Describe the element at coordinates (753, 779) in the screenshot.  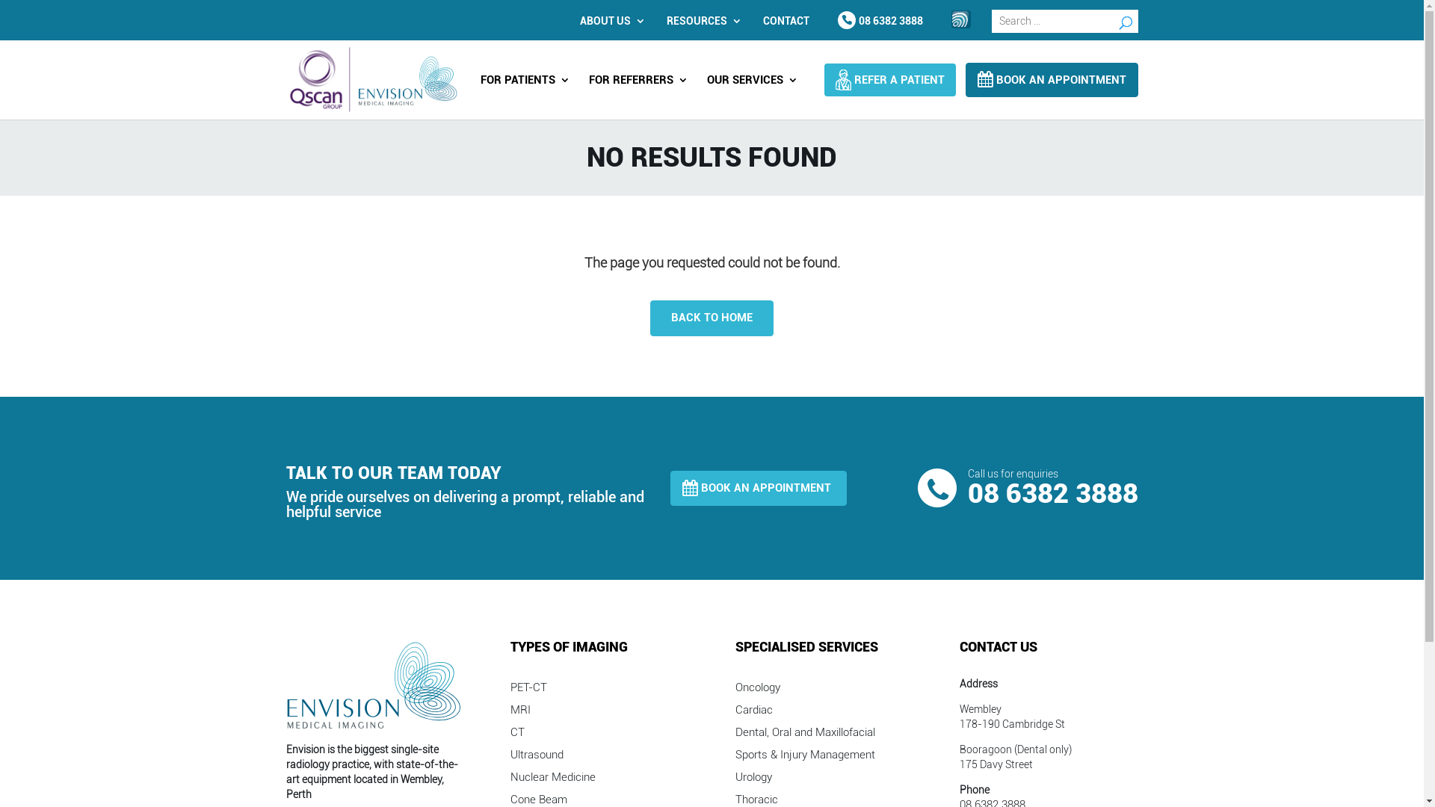
I see `'Urology'` at that location.